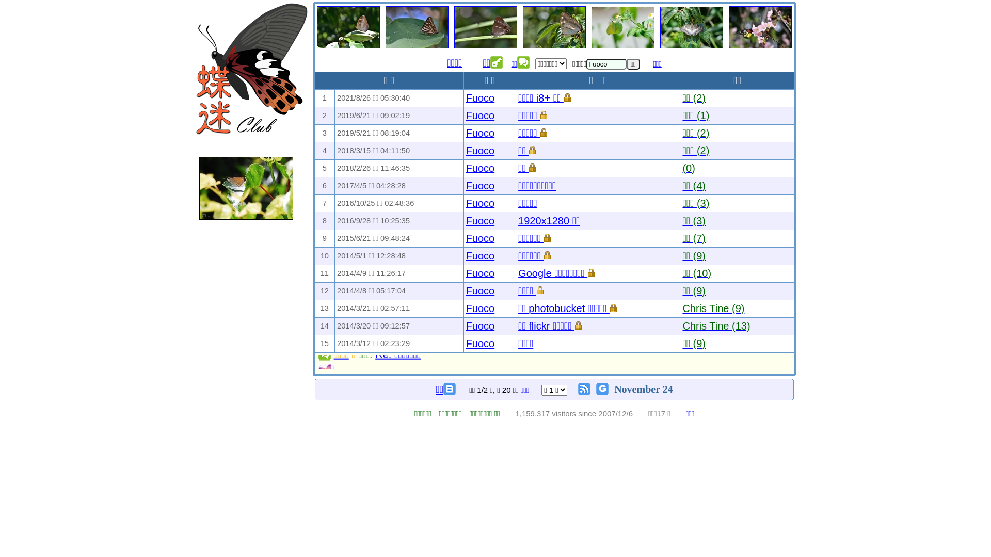 The image size is (991, 557). What do you see at coordinates (480, 220) in the screenshot?
I see `'Fuoco'` at bounding box center [480, 220].